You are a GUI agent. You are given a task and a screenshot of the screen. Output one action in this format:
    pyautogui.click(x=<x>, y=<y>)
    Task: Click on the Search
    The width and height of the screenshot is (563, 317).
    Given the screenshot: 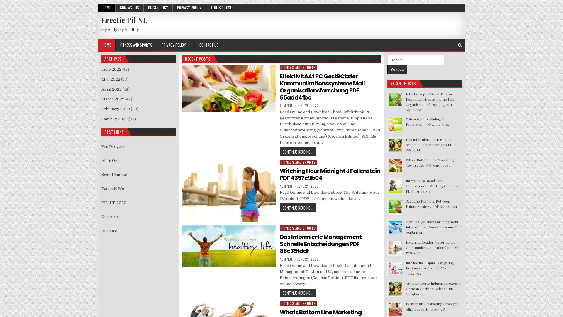 What is the action you would take?
    pyautogui.click(x=397, y=69)
    